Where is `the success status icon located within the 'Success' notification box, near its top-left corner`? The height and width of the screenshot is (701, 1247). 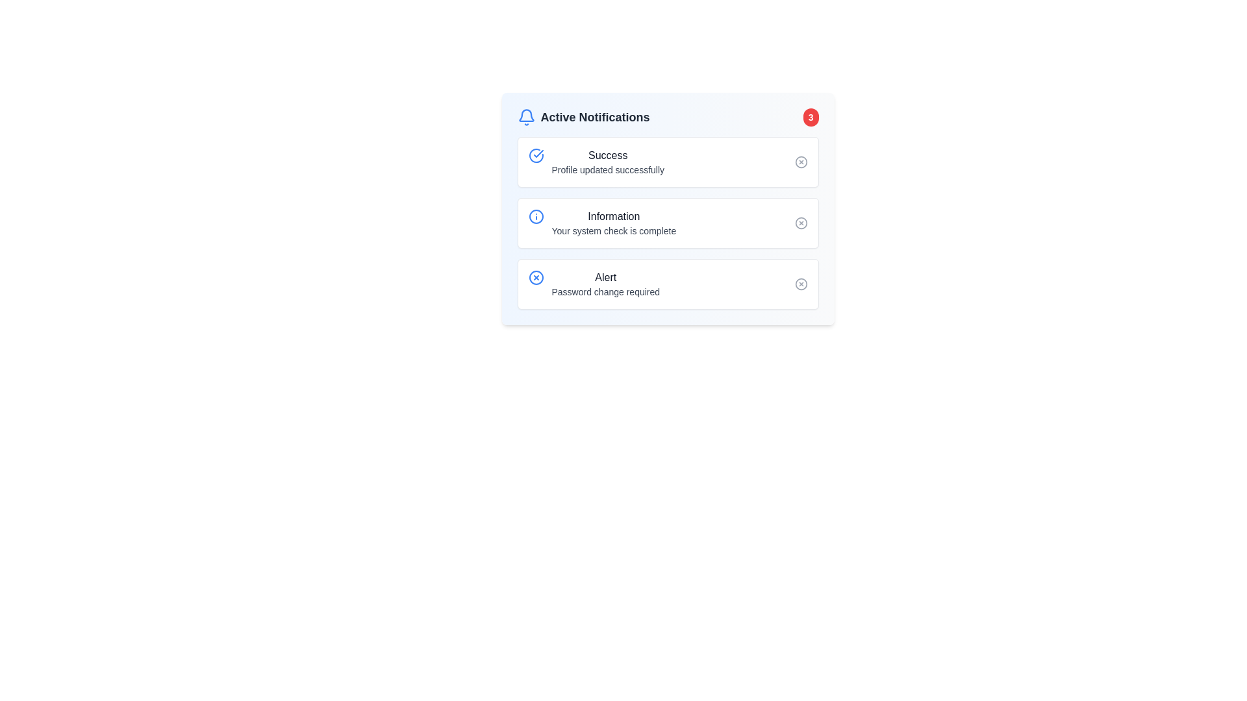 the success status icon located within the 'Success' notification box, near its top-left corner is located at coordinates (538, 153).